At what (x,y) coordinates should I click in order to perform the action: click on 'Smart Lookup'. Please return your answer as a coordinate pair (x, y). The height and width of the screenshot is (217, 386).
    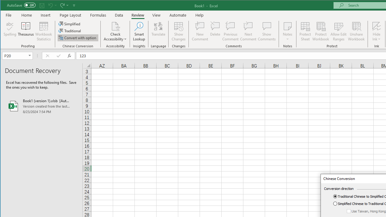
    Looking at the image, I should click on (139, 31).